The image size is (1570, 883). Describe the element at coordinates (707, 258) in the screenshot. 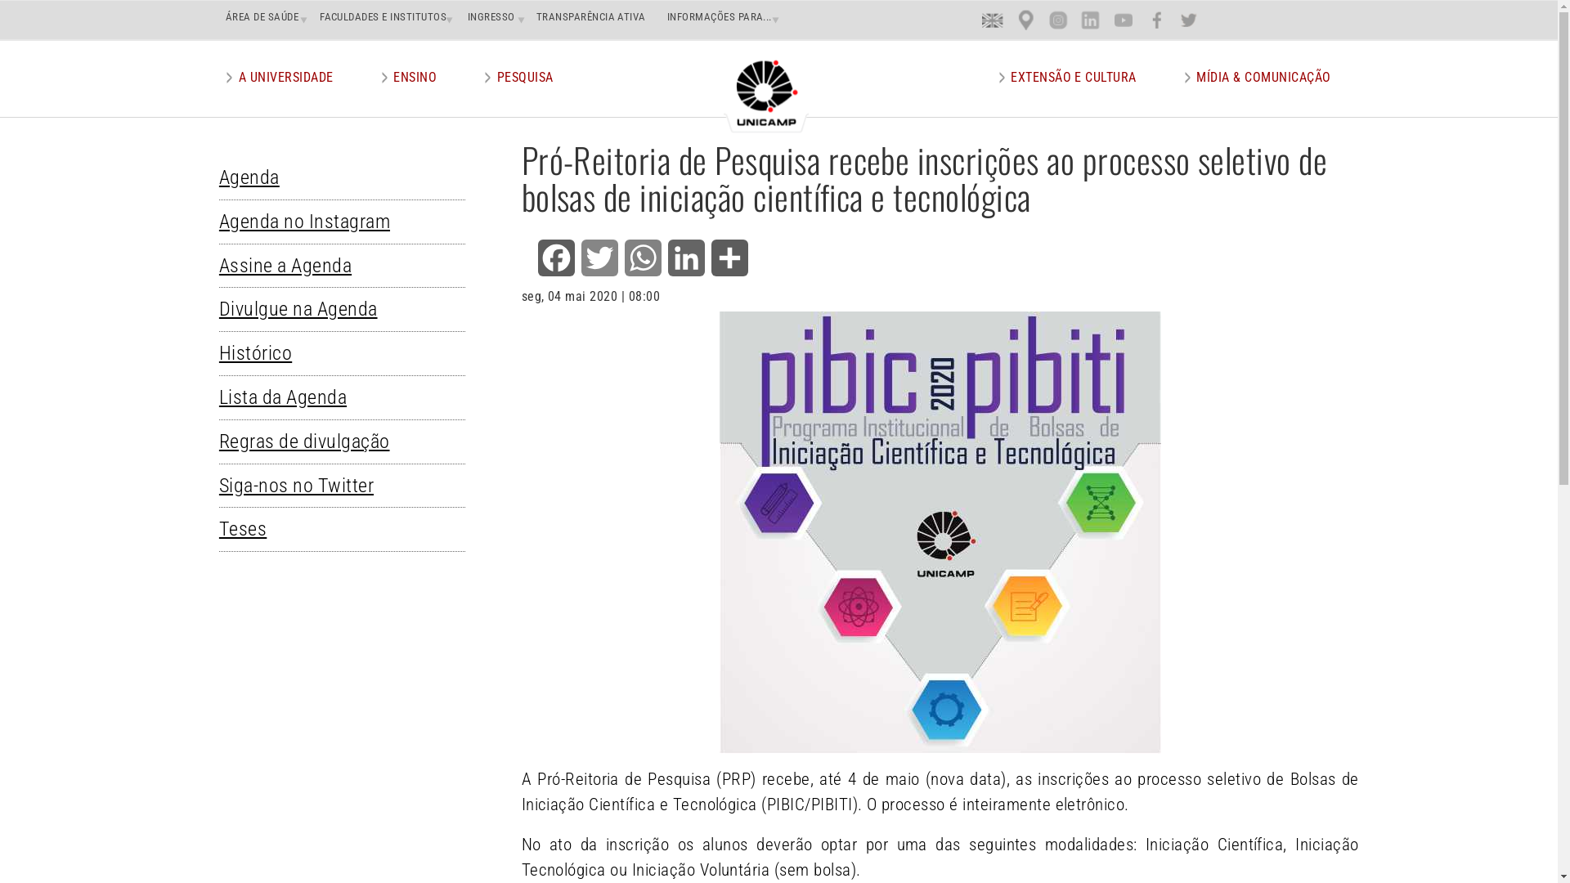

I see `'Share'` at that location.